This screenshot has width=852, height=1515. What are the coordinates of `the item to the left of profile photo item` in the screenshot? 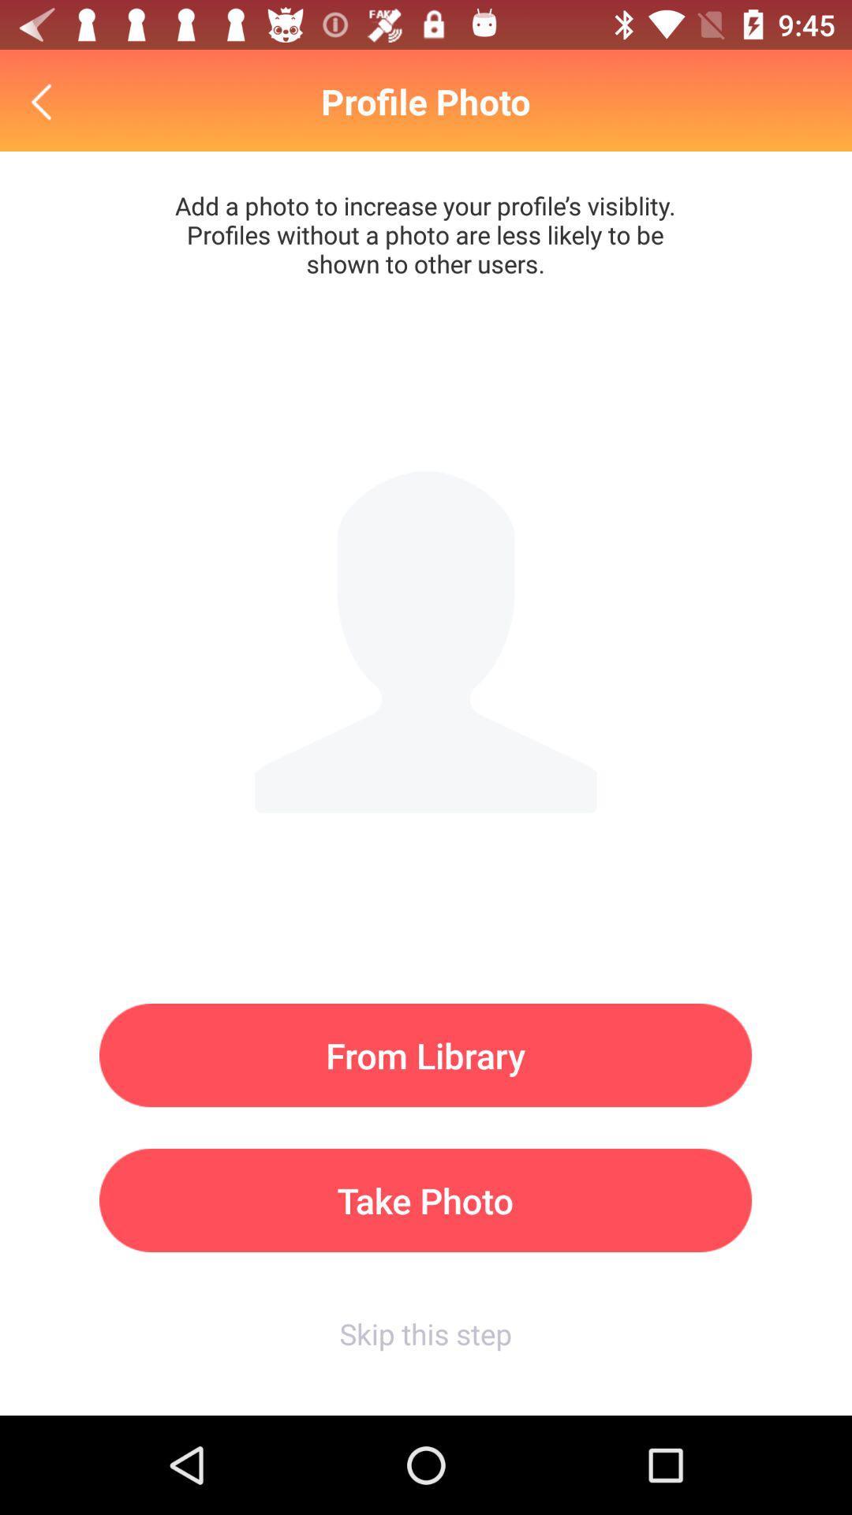 It's located at (44, 101).